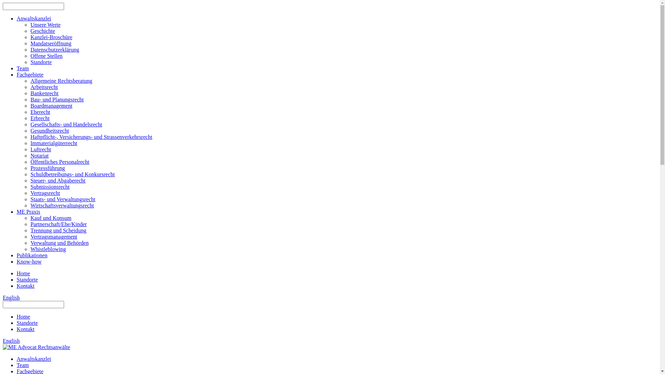 The image size is (665, 374). Describe the element at coordinates (39, 155) in the screenshot. I see `'Notariat'` at that location.